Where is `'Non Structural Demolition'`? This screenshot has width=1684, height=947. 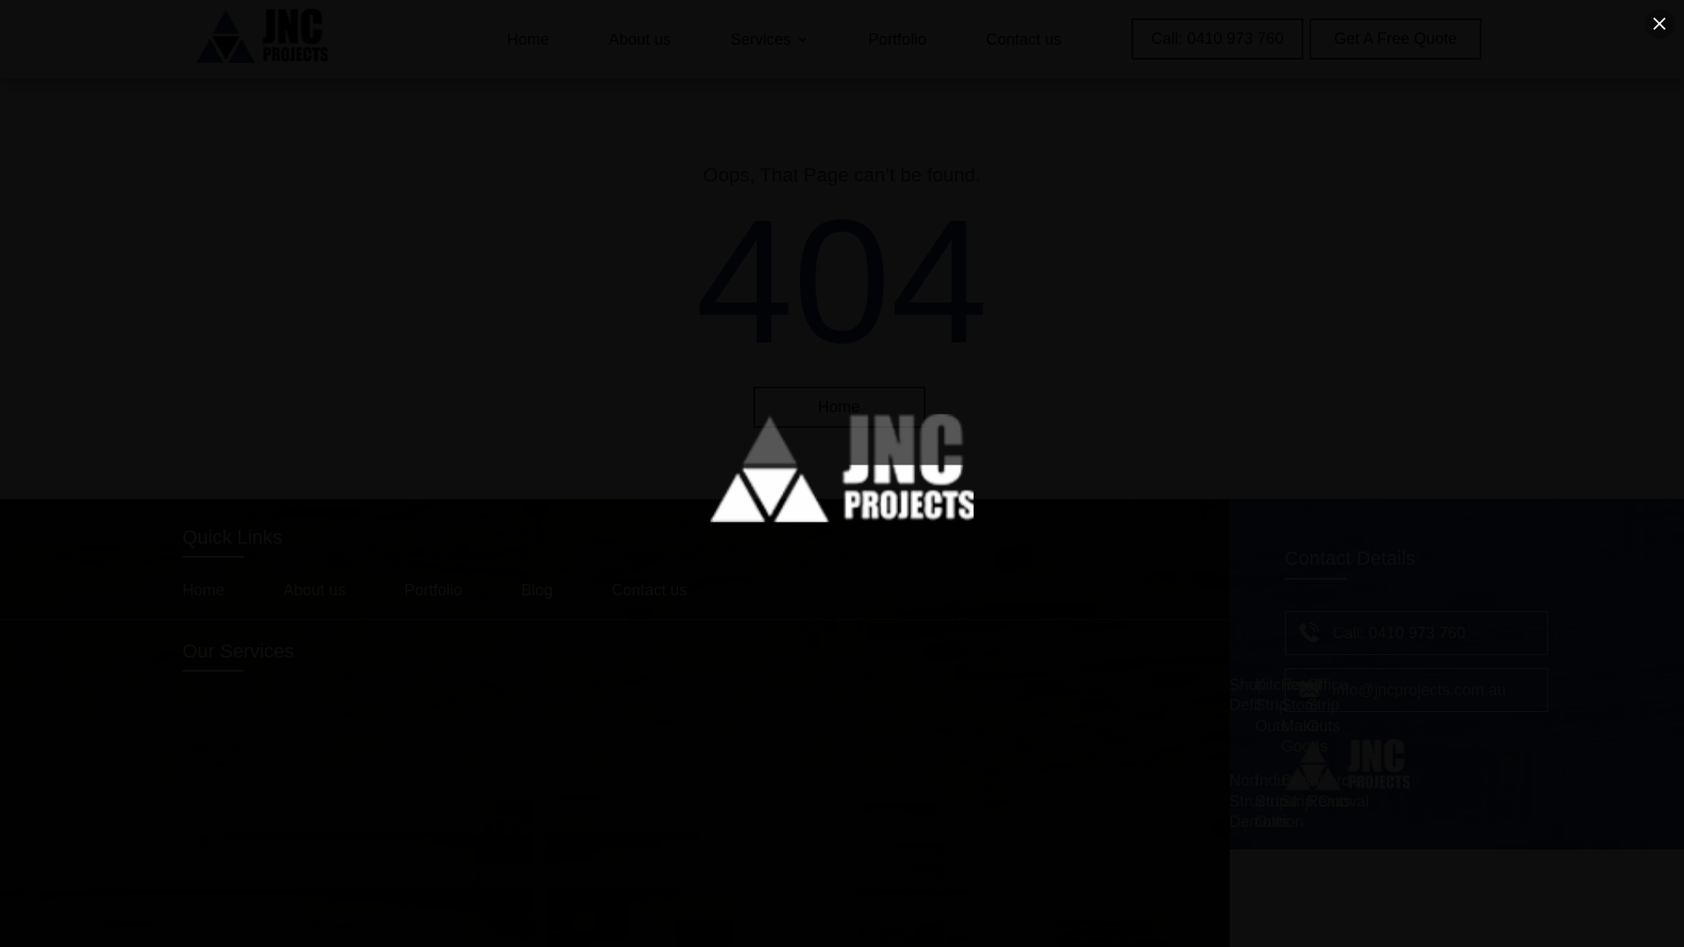
'Non Structural Demolition' is located at coordinates (1267, 805).